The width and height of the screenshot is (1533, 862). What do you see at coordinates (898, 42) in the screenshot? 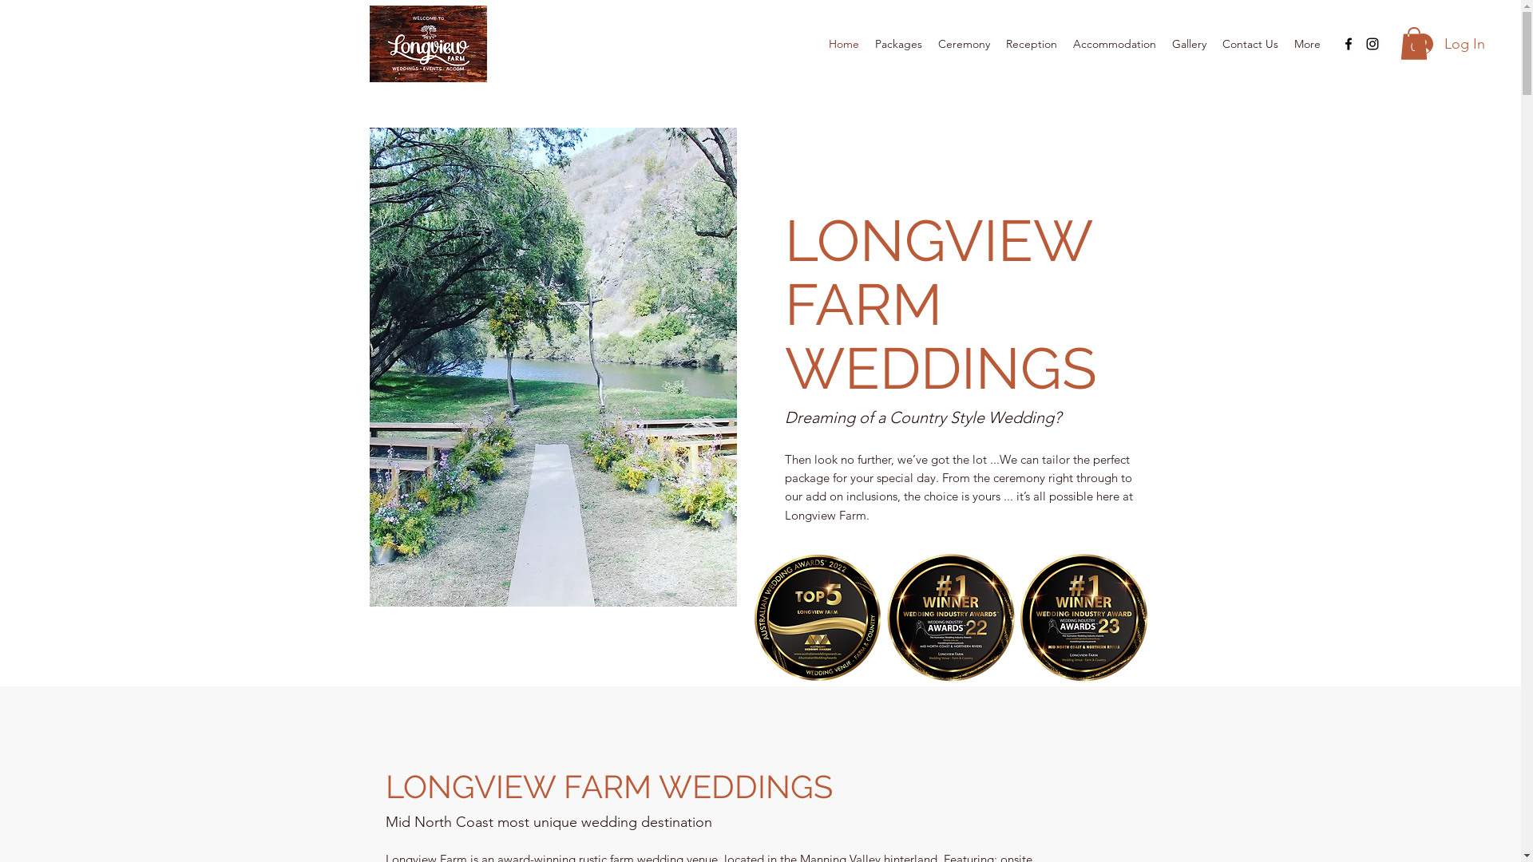
I see `'Packages'` at bounding box center [898, 42].